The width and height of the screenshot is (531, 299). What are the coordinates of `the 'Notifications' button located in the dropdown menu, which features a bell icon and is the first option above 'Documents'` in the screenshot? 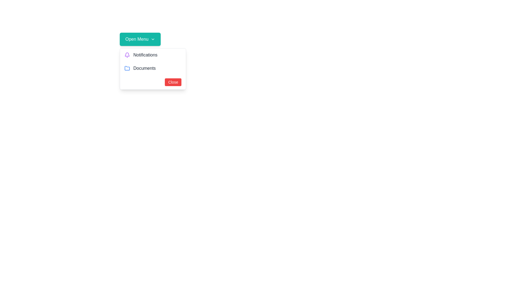 It's located at (153, 55).